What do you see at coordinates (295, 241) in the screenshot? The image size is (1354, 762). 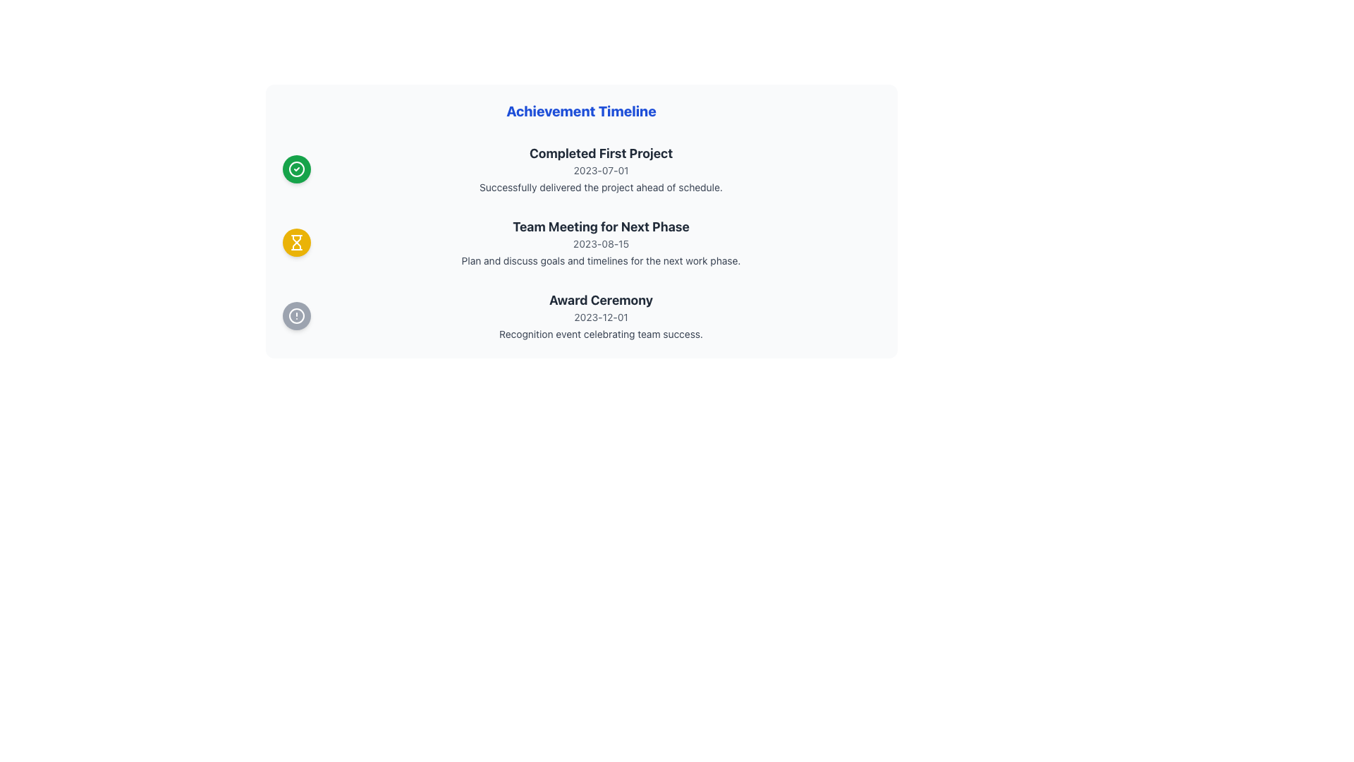 I see `the circular yellow icon with a white hourglass symbol, located in the second row of the 'Achievement Timeline' card, to the left of the 'Team Meeting for Next Phase' text` at bounding box center [295, 241].